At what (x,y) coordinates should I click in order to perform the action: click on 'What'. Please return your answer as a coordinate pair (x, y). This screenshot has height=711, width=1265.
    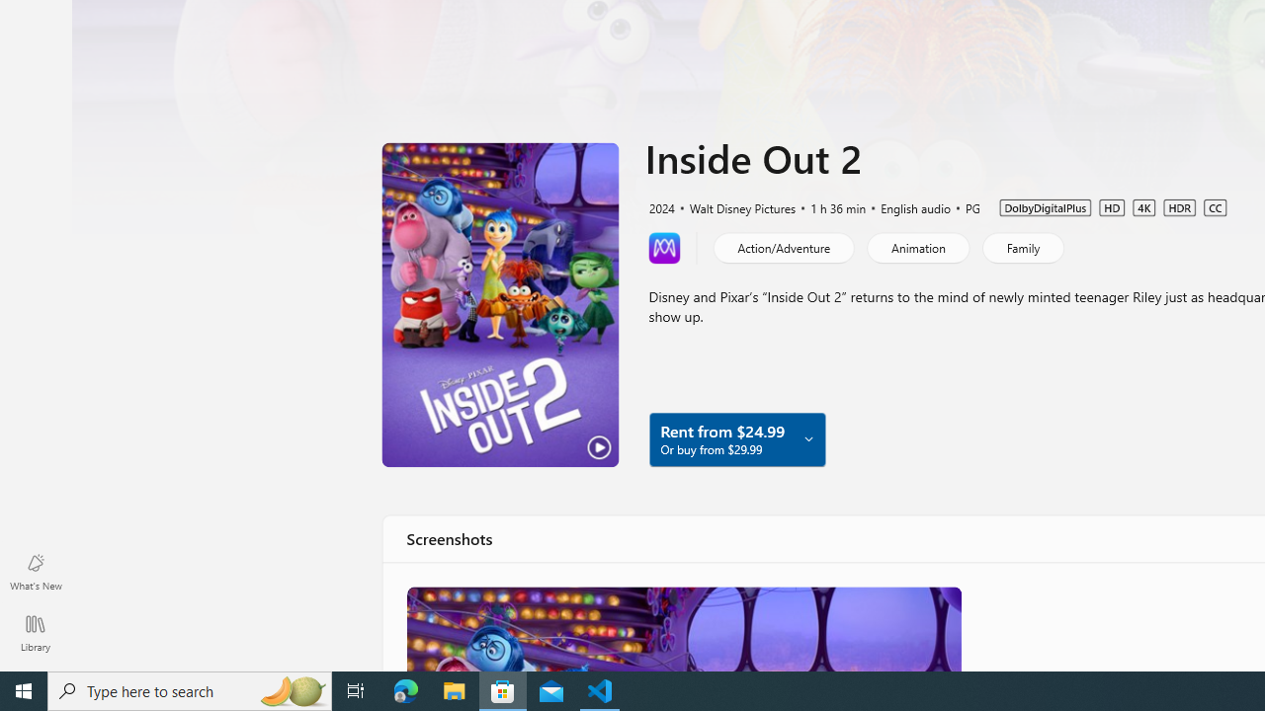
    Looking at the image, I should click on (35, 571).